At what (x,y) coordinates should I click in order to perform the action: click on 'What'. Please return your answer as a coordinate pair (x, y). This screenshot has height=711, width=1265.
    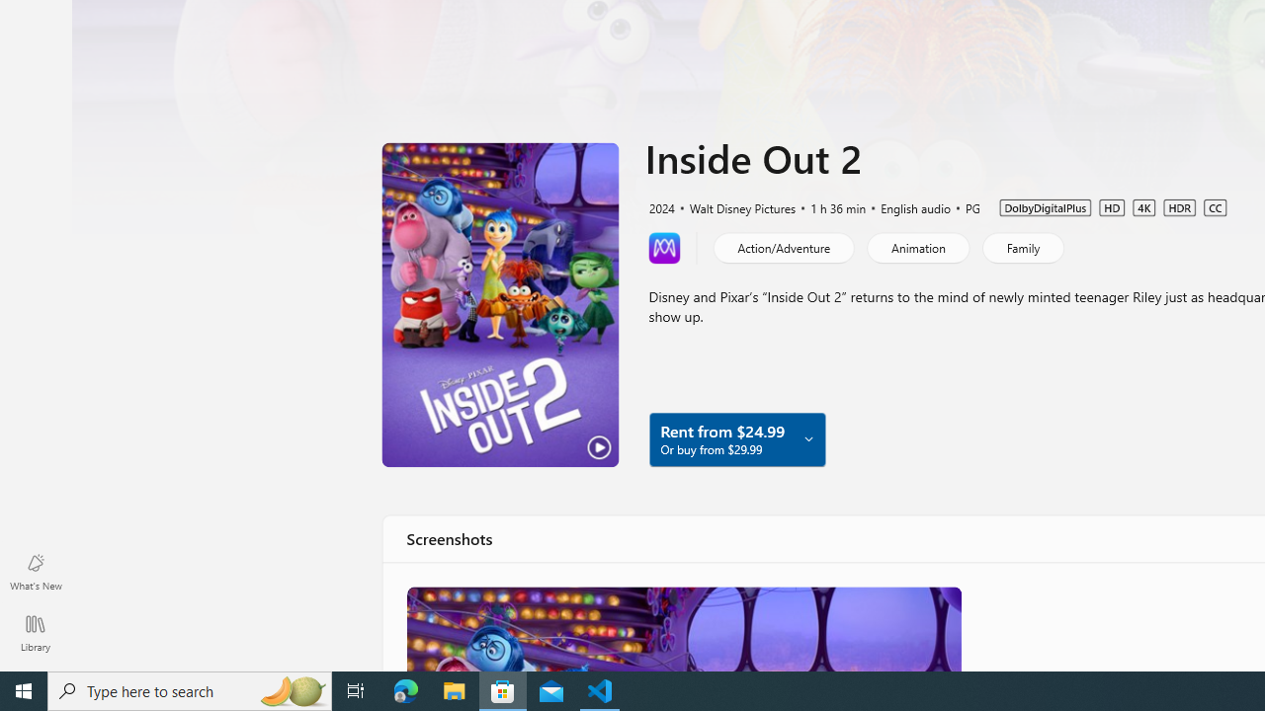
    Looking at the image, I should click on (35, 571).